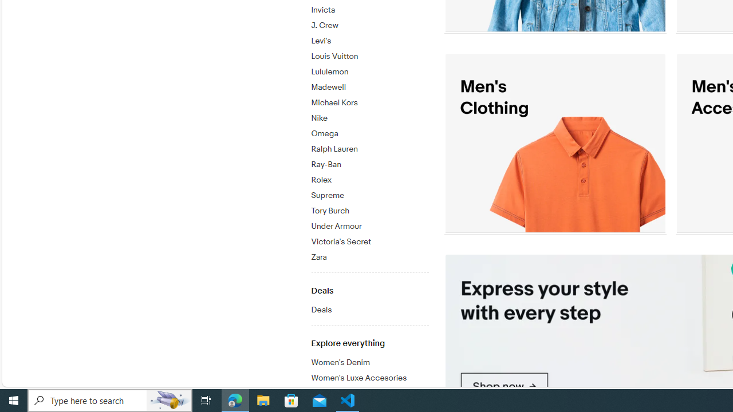 The image size is (733, 412). I want to click on 'Under Armour', so click(369, 224).